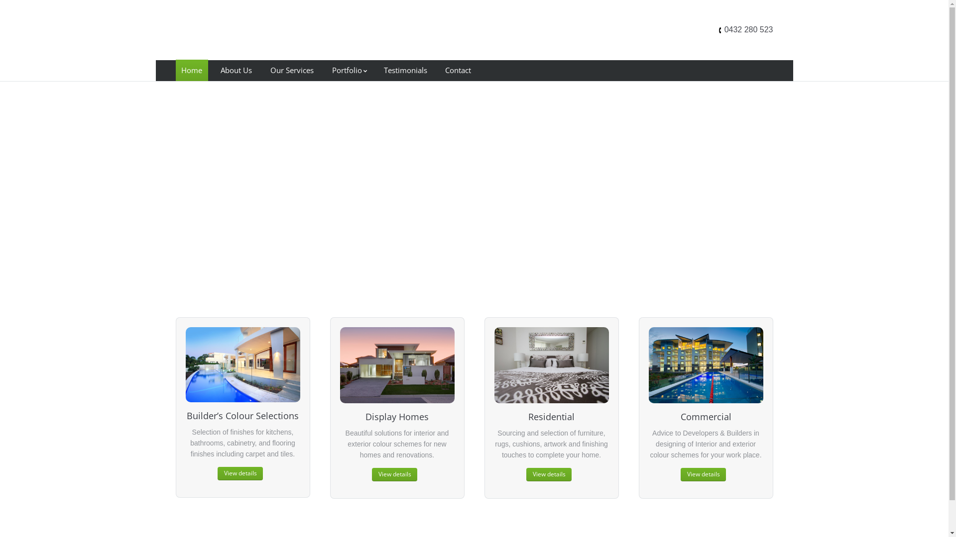 The height and width of the screenshot is (537, 956). I want to click on 'About Us', so click(236, 70).